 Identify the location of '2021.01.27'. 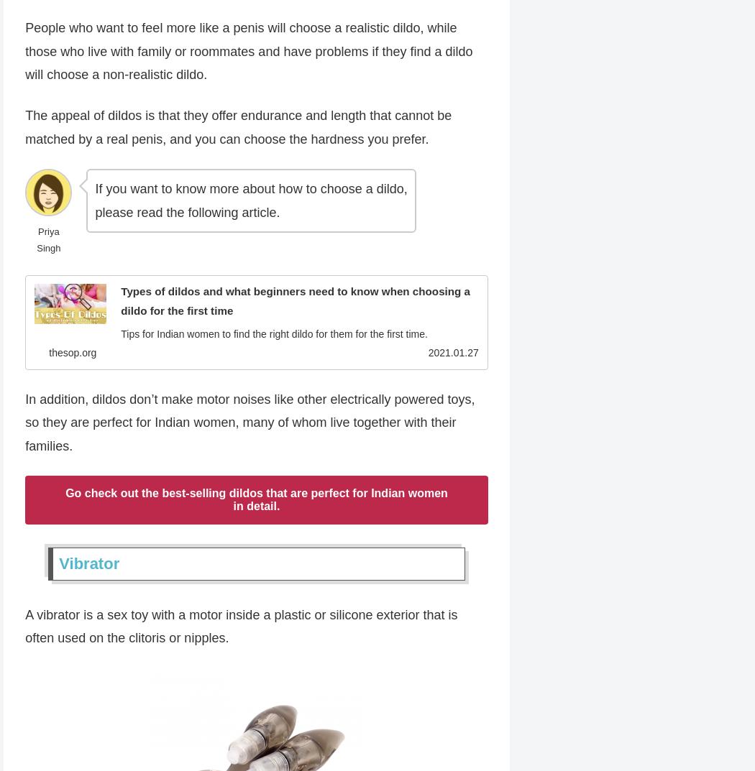
(453, 352).